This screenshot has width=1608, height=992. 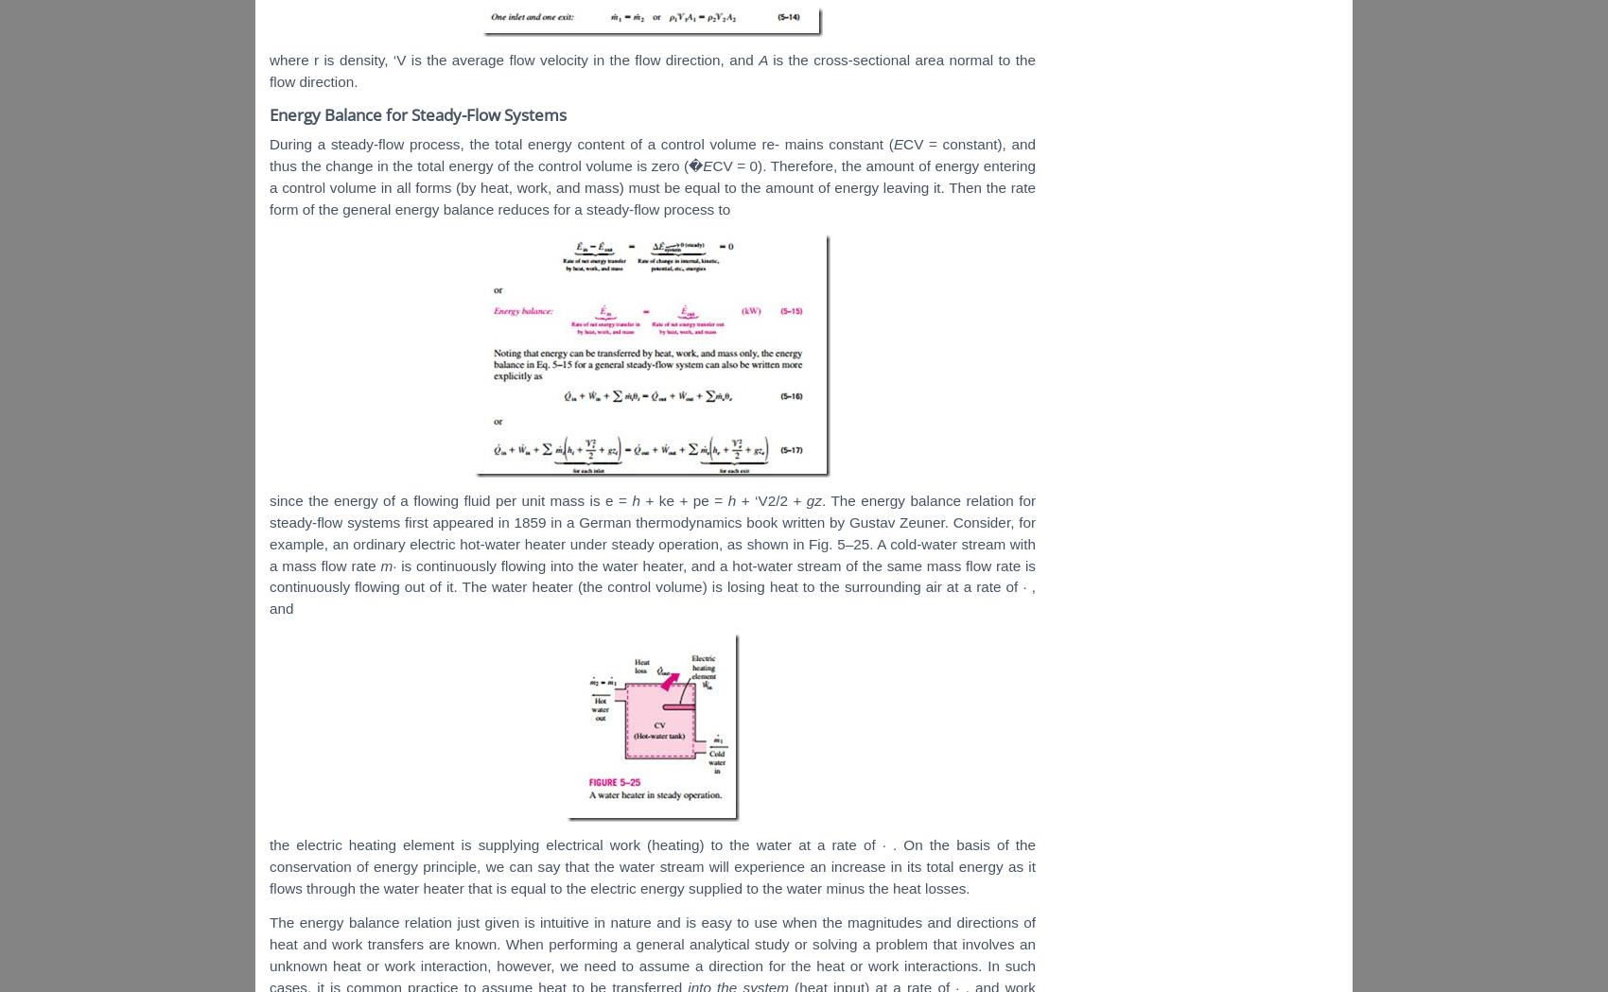 I want to click on 'A', so click(x=764, y=59).